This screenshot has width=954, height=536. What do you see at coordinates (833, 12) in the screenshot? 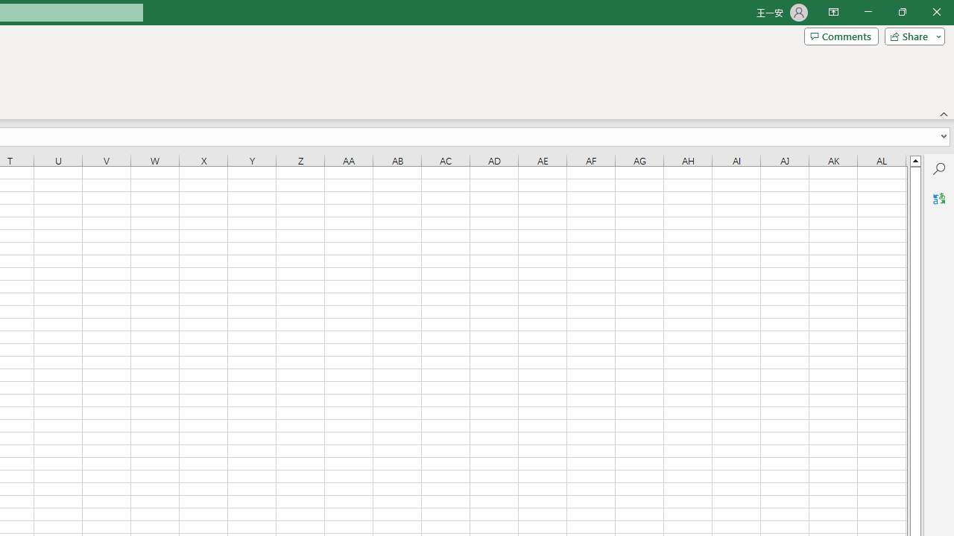
I see `'Ribbon Display Options'` at bounding box center [833, 12].